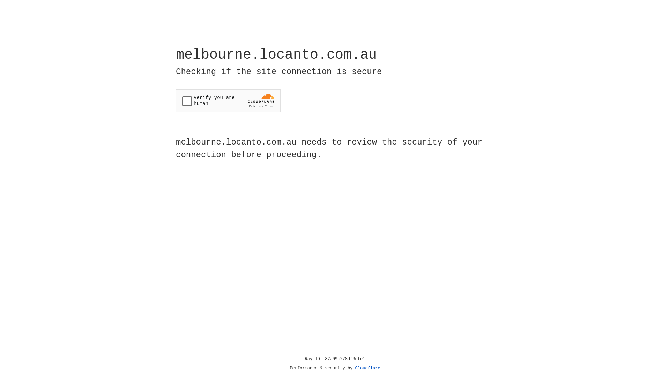 The image size is (670, 377). Describe the element at coordinates (355, 368) in the screenshot. I see `'Cloudflare'` at that location.